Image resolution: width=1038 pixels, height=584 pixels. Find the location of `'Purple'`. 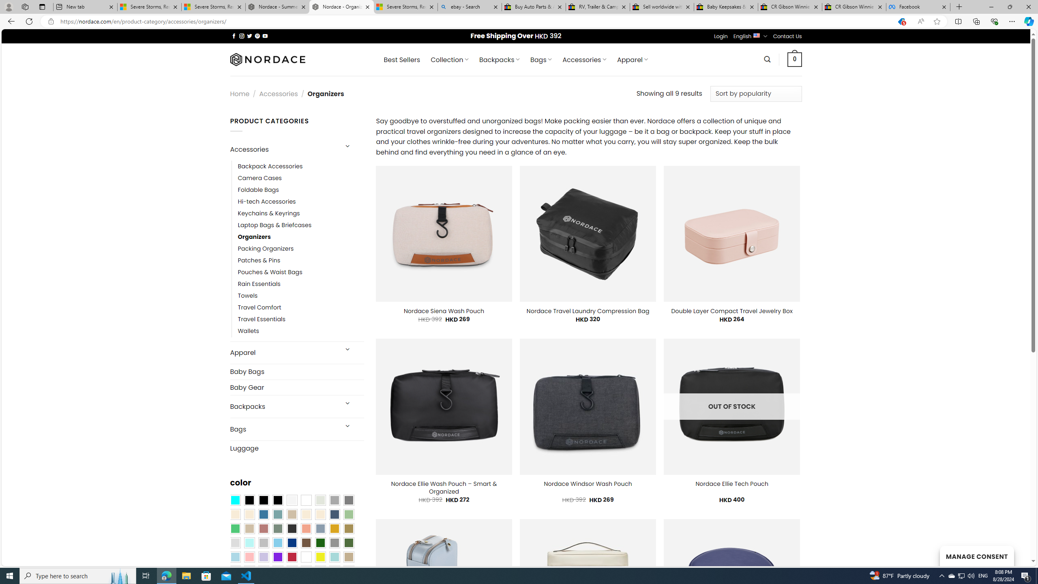

'Purple' is located at coordinates (277, 556).